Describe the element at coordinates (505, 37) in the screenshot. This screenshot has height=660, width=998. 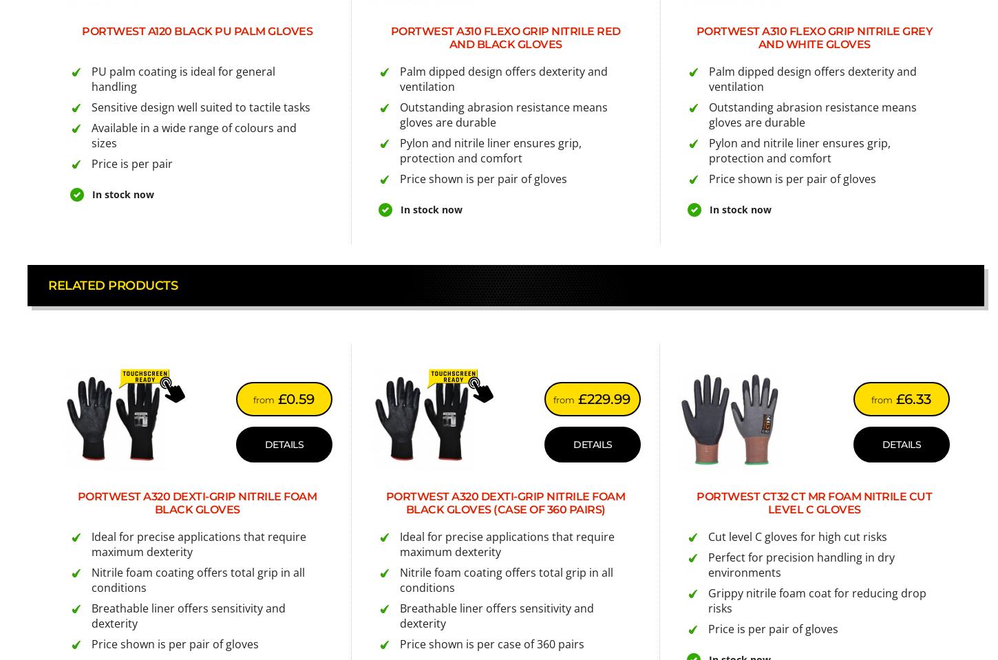
I see `'Portwest A310 Flexo Grip Nitrile Red and Black Gloves'` at that location.